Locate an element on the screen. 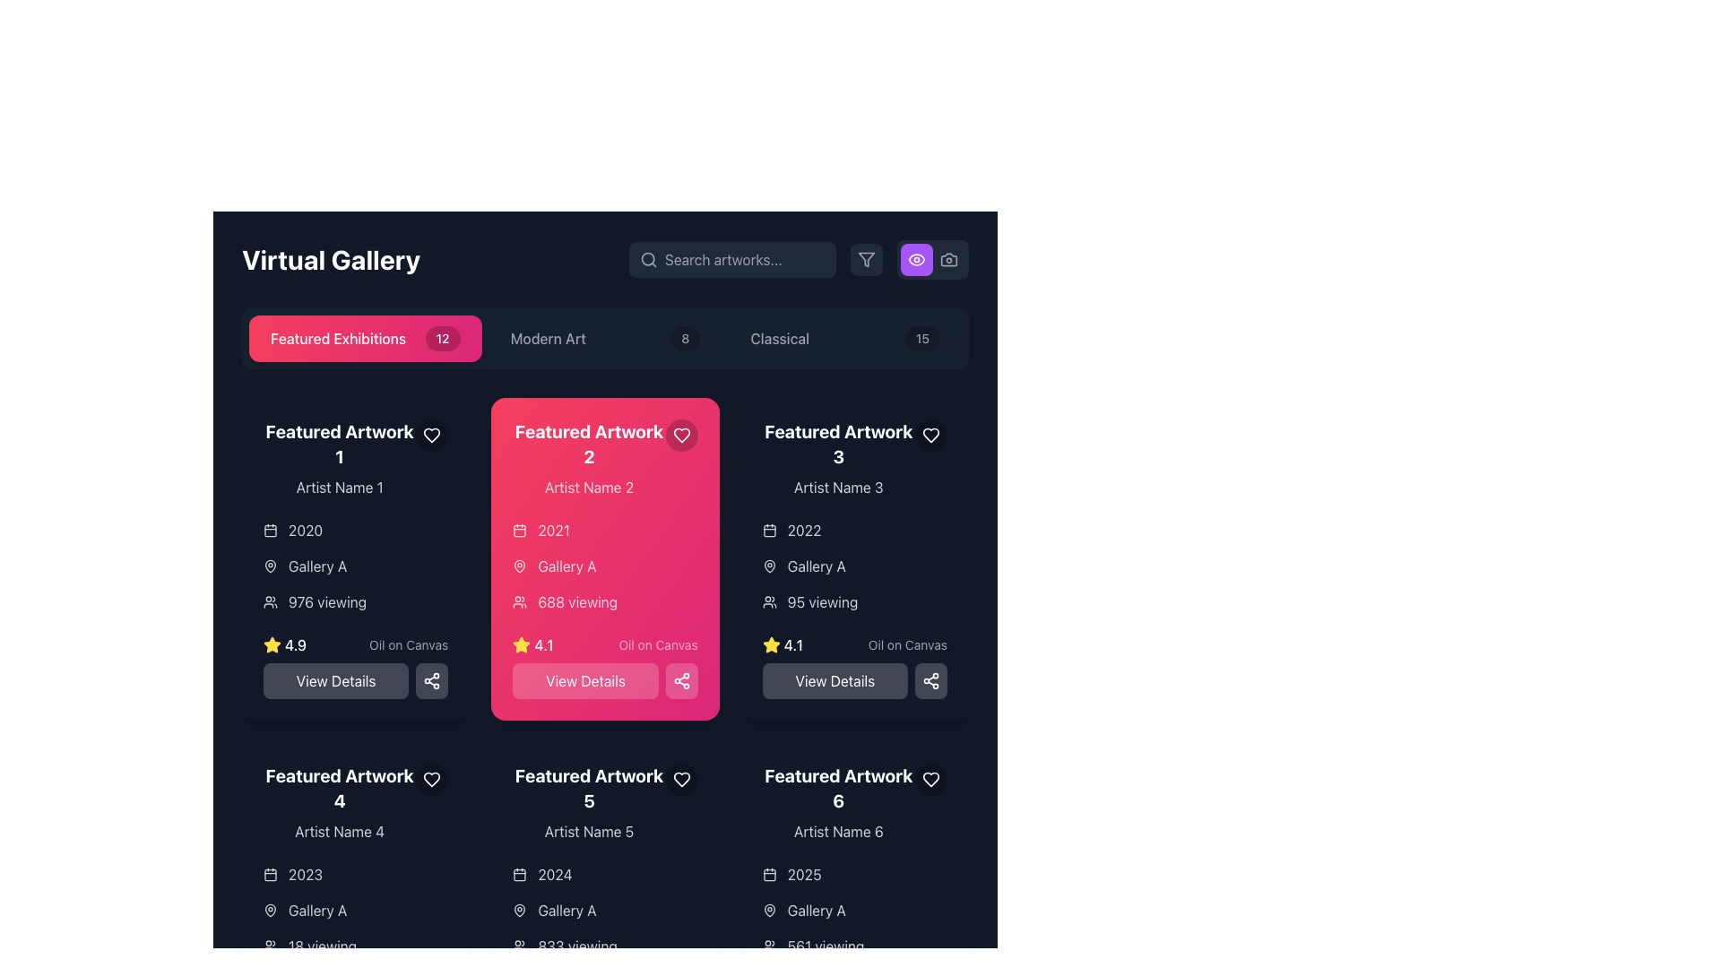 This screenshot has height=968, width=1721. the pin icon located within the 'Featured Artwork 2' card, situated below the '2021' label and above the '688 viewing' text is located at coordinates (519, 566).